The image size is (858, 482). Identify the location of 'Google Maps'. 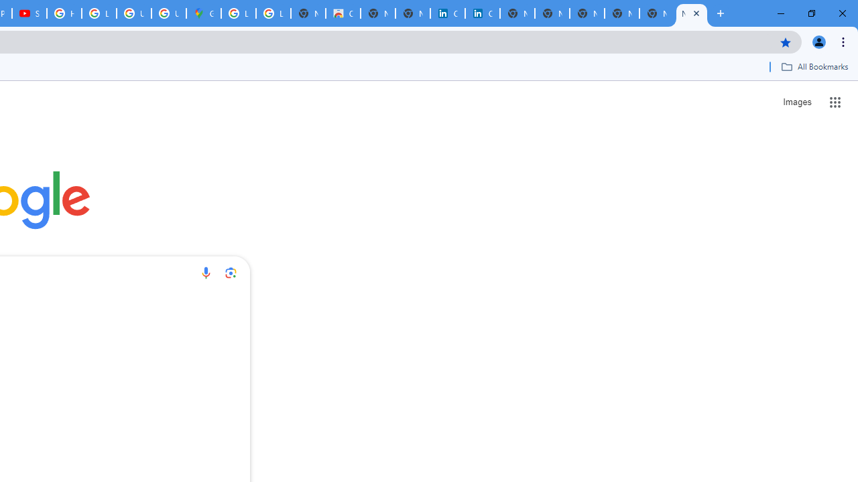
(203, 13).